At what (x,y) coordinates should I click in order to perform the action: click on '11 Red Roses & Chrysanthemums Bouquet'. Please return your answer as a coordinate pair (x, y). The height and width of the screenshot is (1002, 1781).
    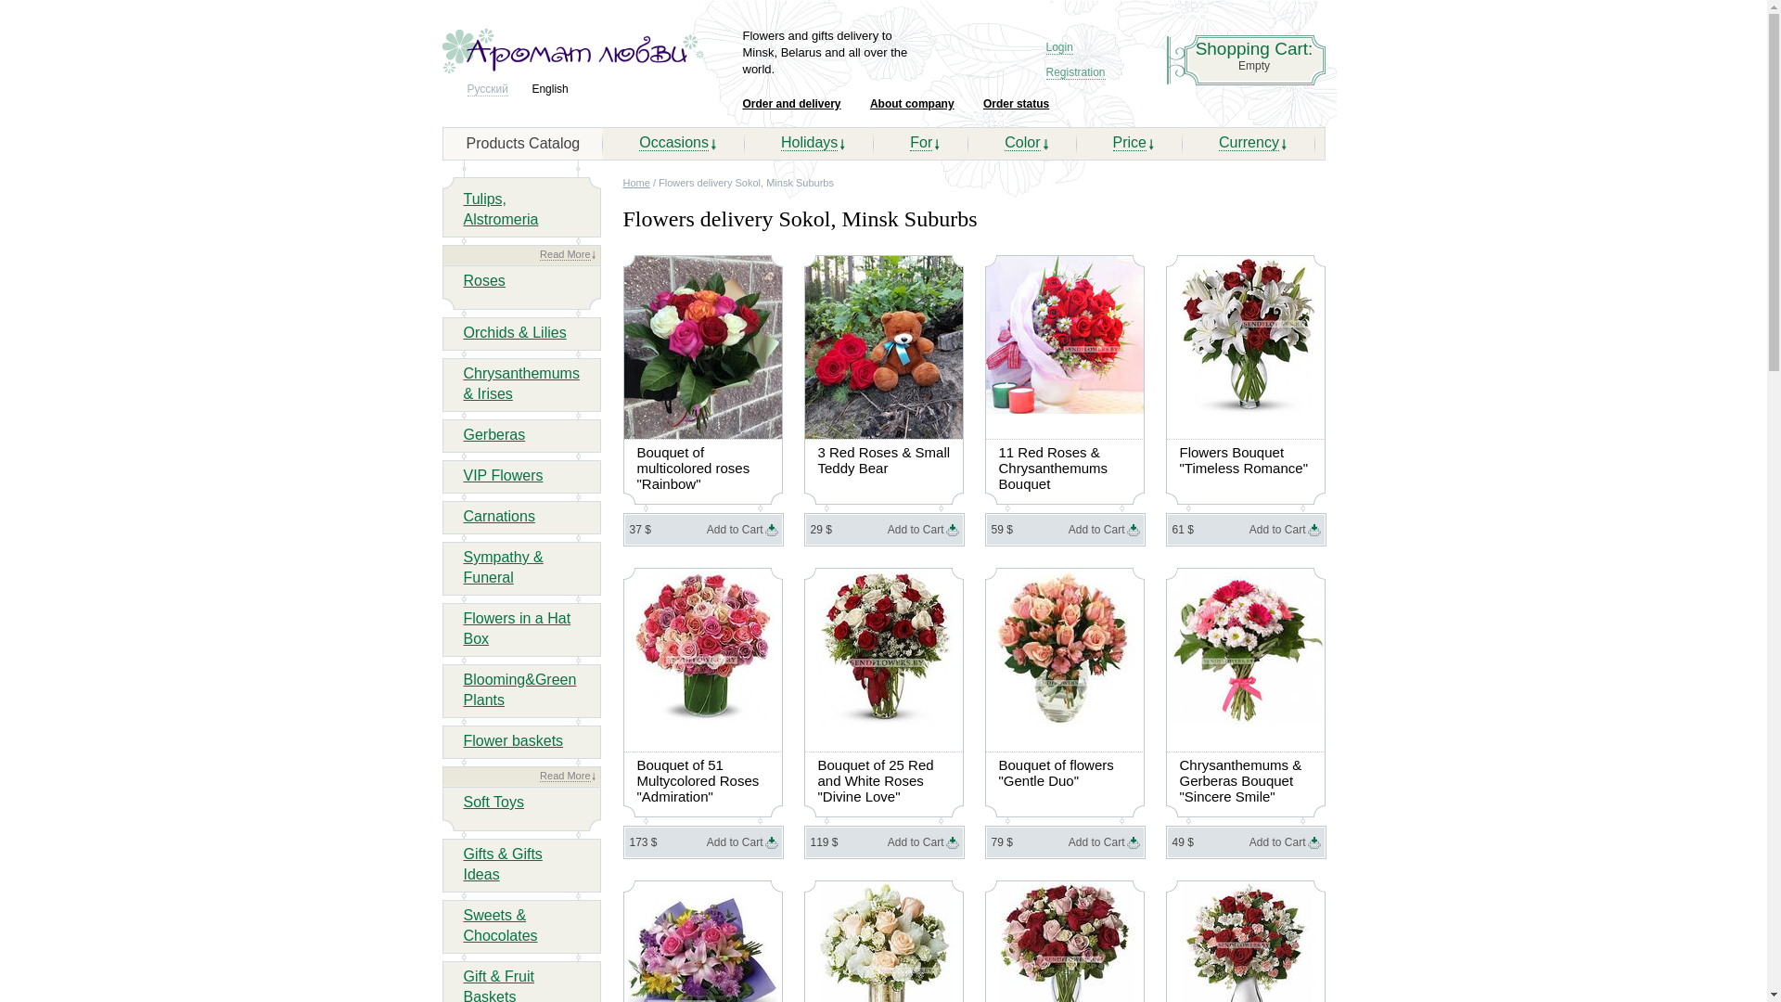
    Looking at the image, I should click on (1064, 464).